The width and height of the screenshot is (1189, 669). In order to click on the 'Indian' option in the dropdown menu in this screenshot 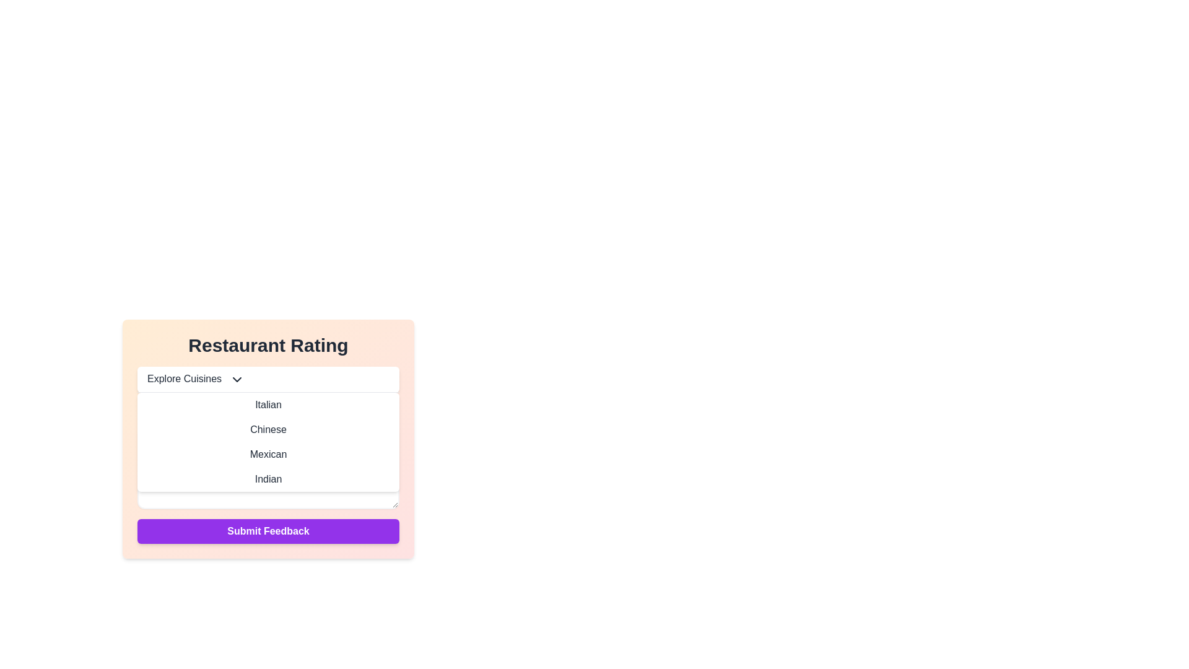, I will do `click(268, 478)`.